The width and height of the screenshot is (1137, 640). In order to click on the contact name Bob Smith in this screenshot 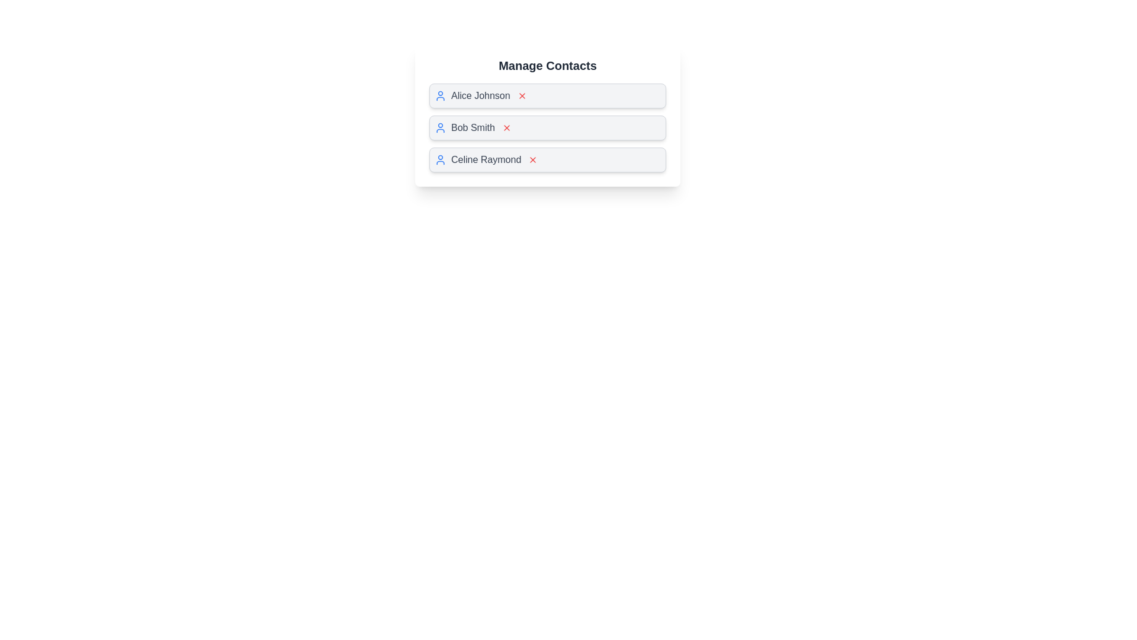, I will do `click(547, 128)`.